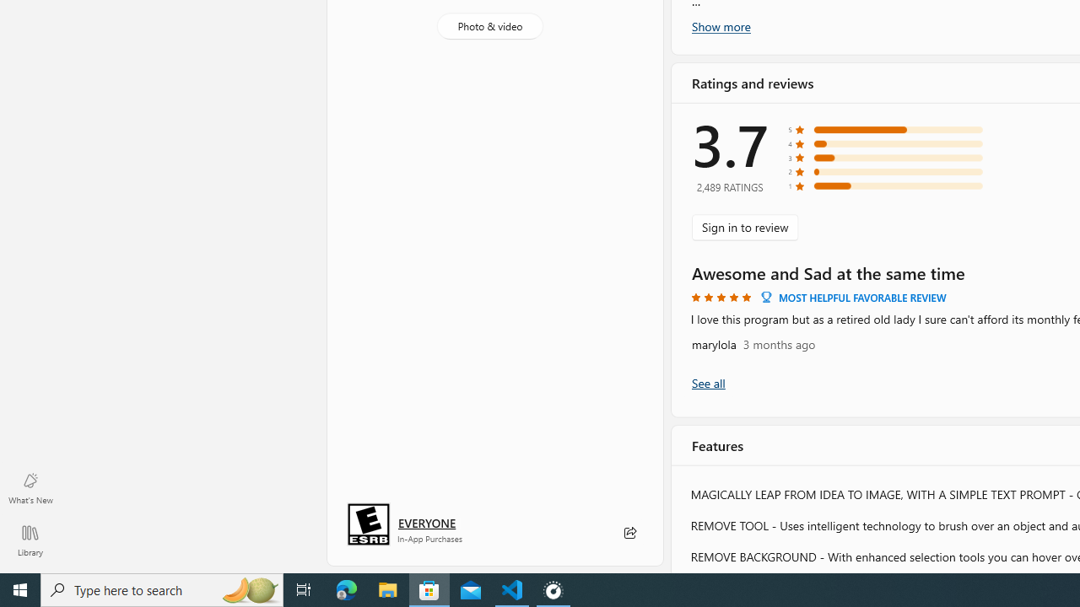  Describe the element at coordinates (488, 25) in the screenshot. I see `'Photo & video'` at that location.